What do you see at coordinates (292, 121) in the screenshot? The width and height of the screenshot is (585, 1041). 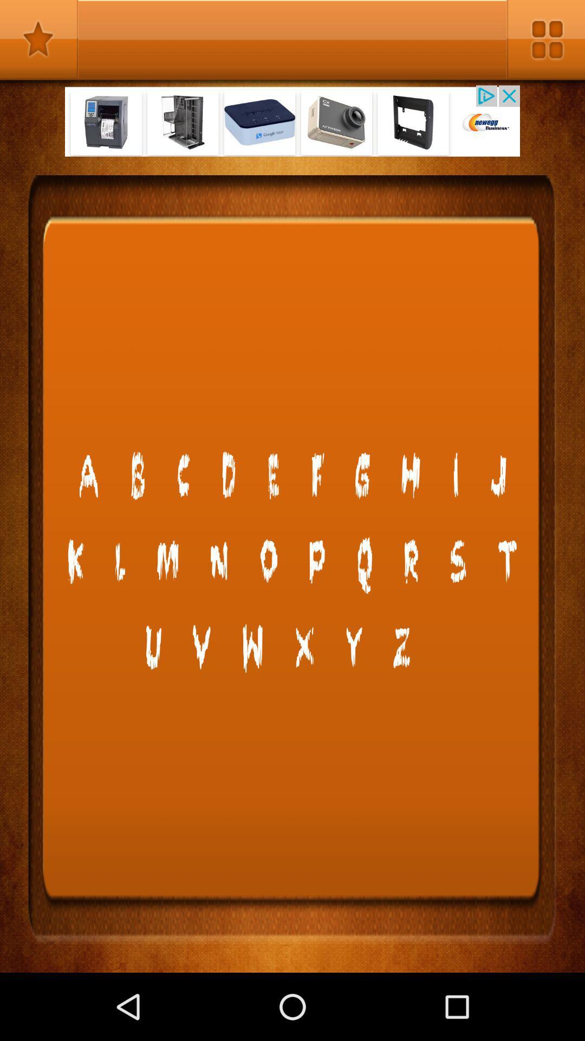 I see `advertisement` at bounding box center [292, 121].